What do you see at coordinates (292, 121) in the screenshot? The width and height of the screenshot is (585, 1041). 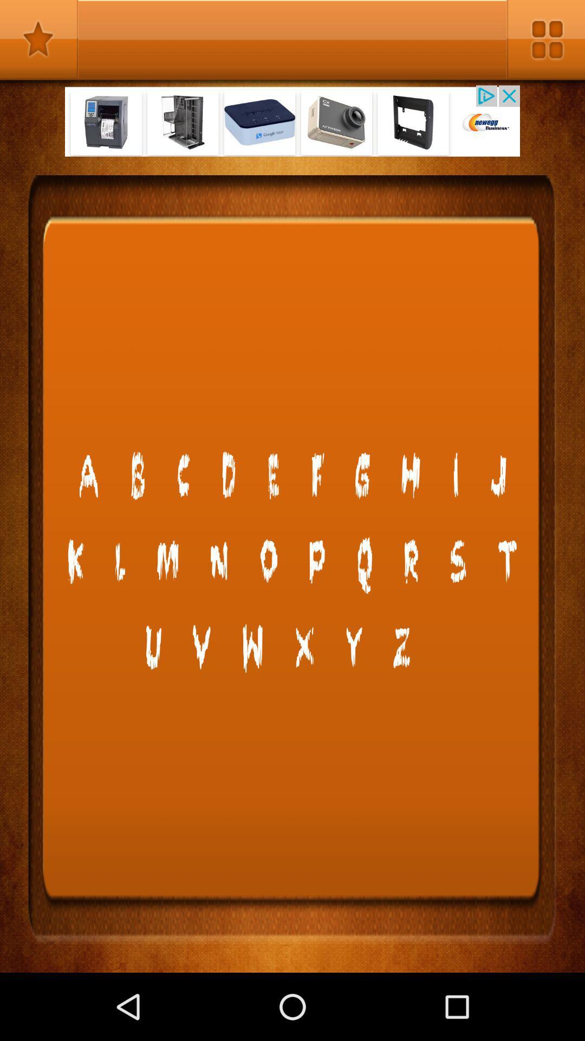 I see `advertisement` at bounding box center [292, 121].